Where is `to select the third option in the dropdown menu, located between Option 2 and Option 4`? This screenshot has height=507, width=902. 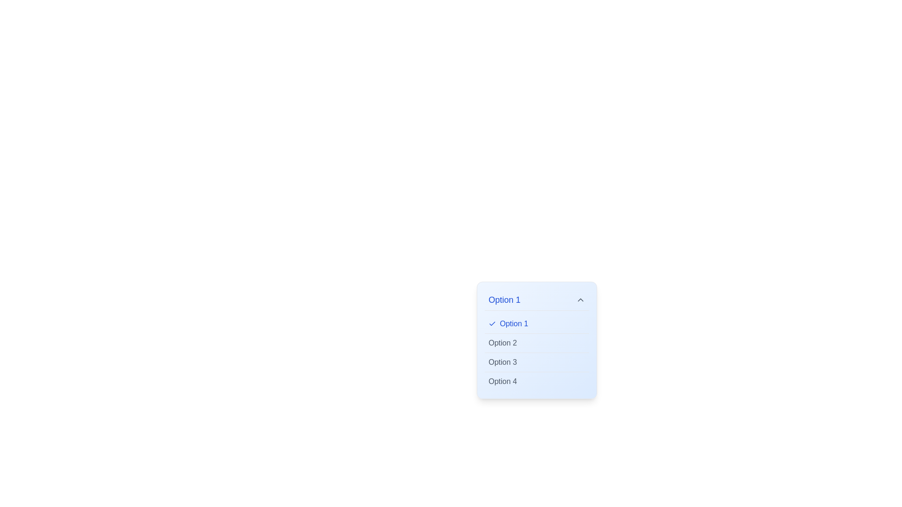
to select the third option in the dropdown menu, located between Option 2 and Option 4 is located at coordinates (537, 361).